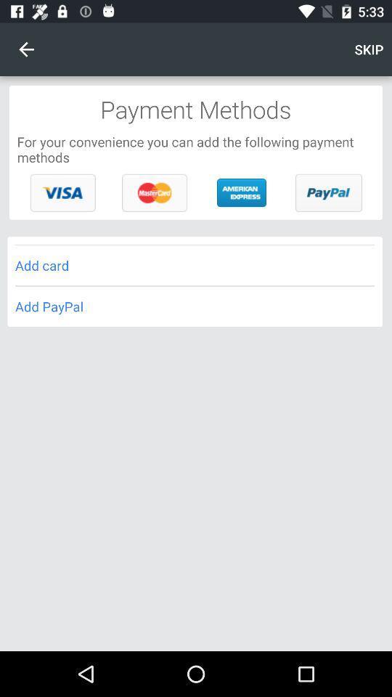  What do you see at coordinates (26, 49) in the screenshot?
I see `icon to the left of the skip item` at bounding box center [26, 49].